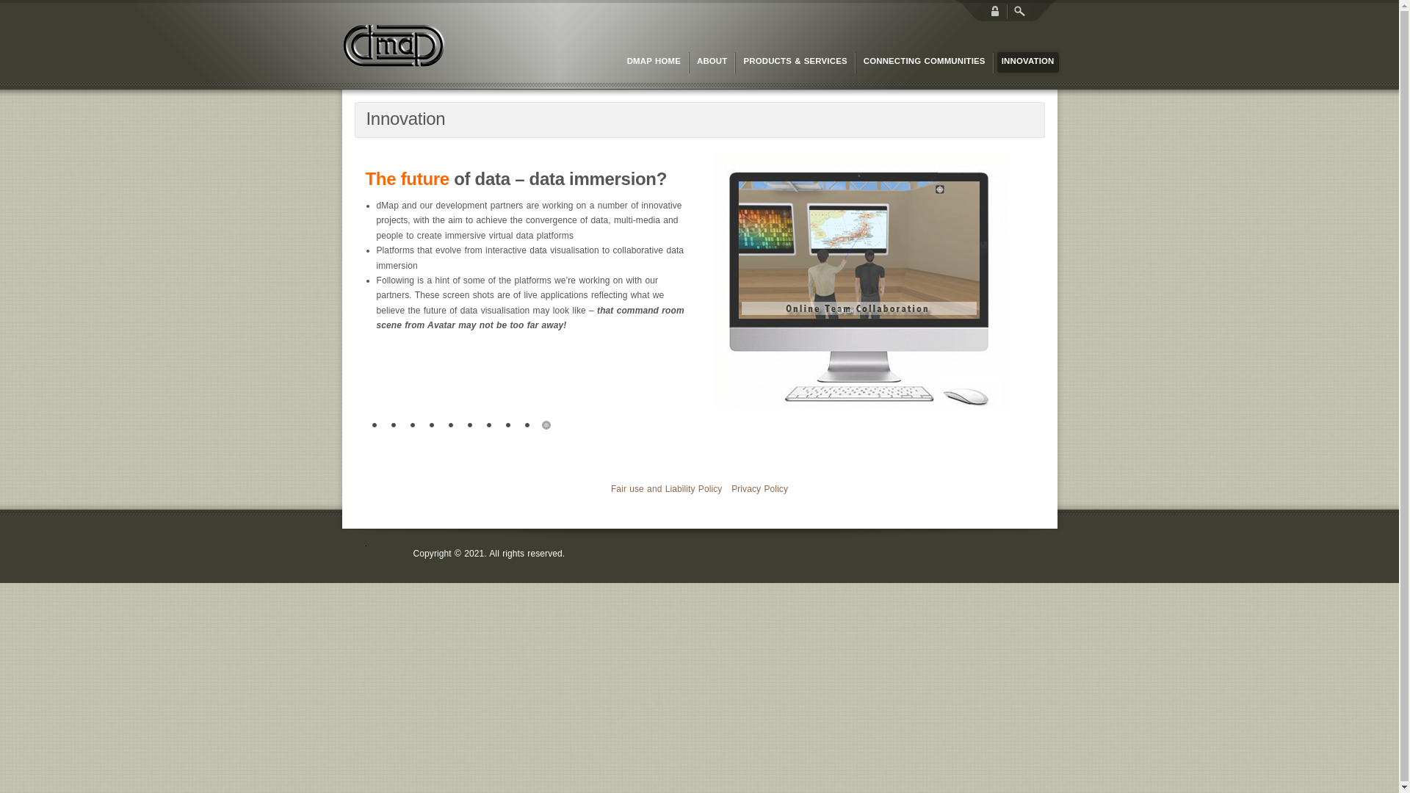 This screenshot has height=793, width=1410. I want to click on '#', so click(450, 425).